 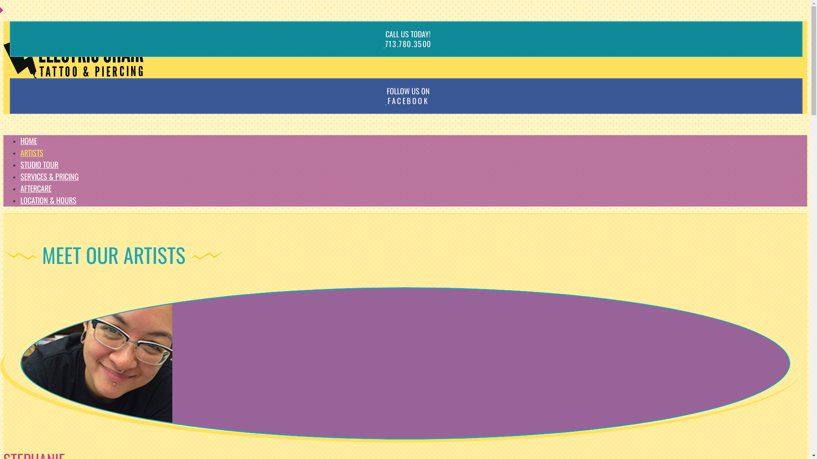 What do you see at coordinates (405, 39) in the screenshot?
I see `'CALL US TODAY!` at bounding box center [405, 39].